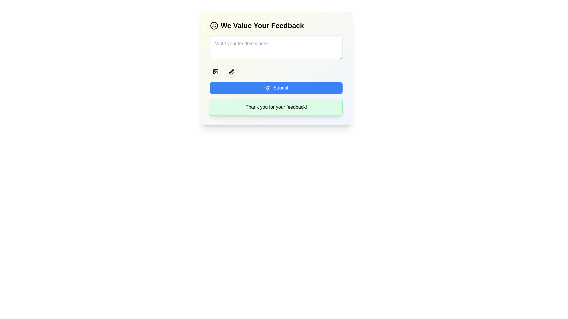  I want to click on the non-interactive Text Display Box, which is located below the blue 'Submit' button in a card-like structure with a gradient background, so click(276, 107).